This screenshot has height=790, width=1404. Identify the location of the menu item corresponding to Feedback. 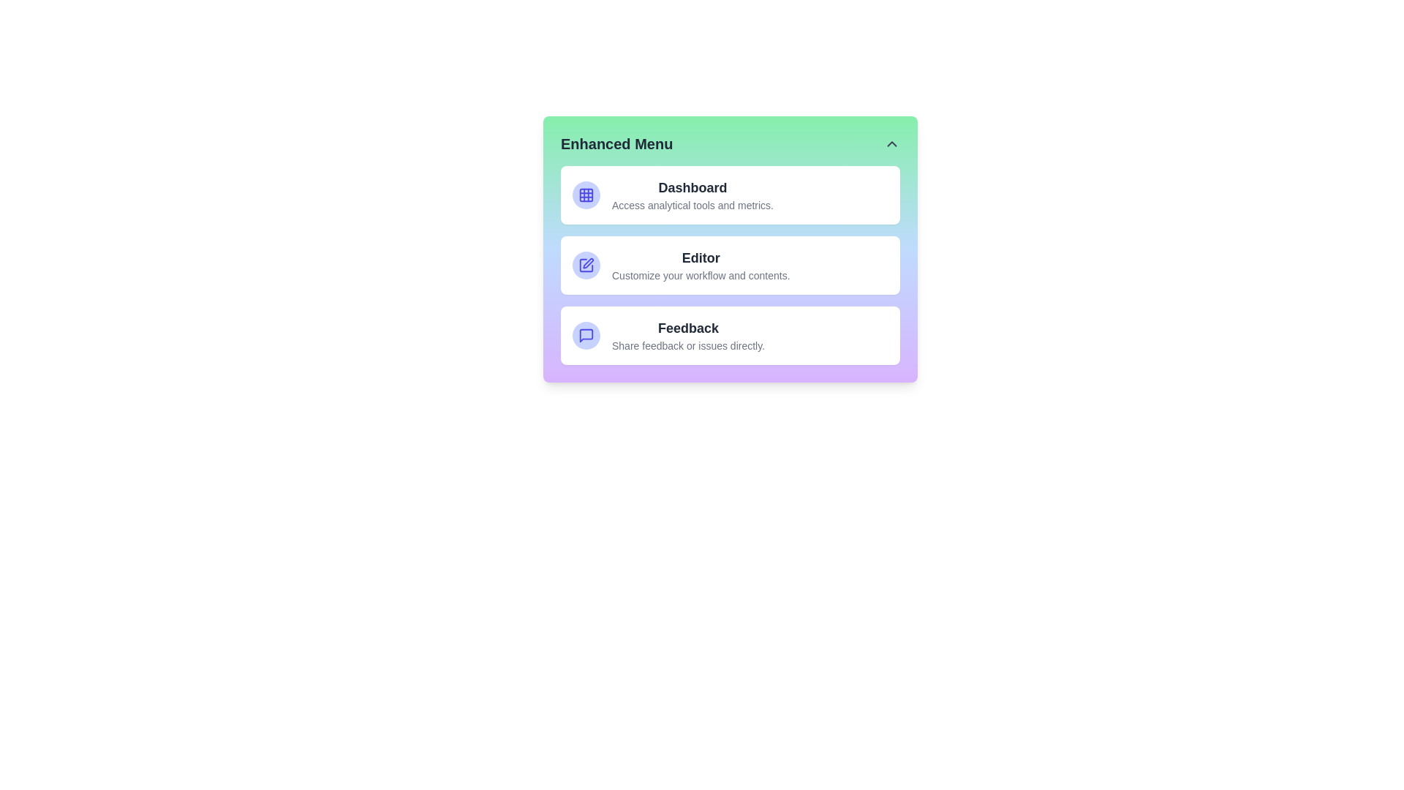
(730, 336).